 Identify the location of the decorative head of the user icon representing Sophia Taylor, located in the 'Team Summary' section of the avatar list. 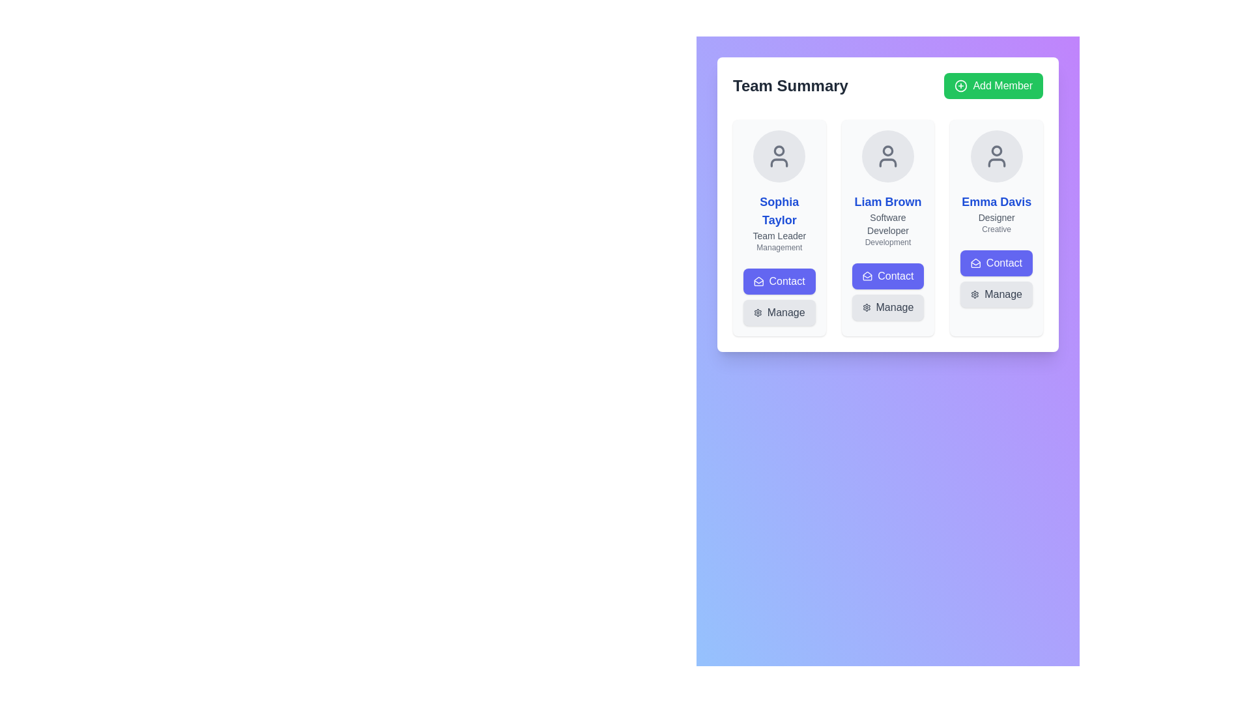
(779, 150).